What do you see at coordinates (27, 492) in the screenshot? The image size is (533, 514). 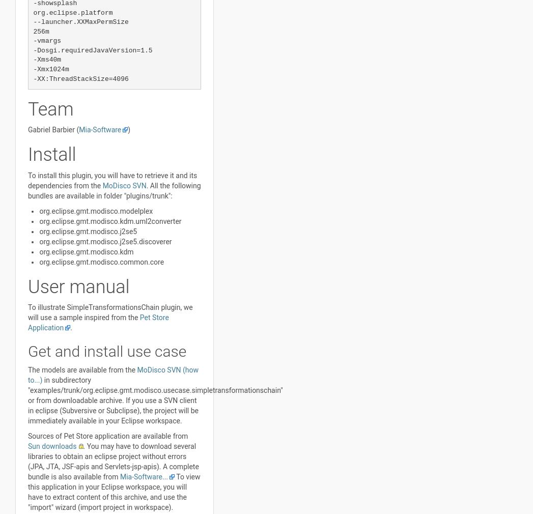 I see `'To view this application in your Eclipse workspace, you will have to extract content of this archive, and use the "import" wizard (import project in workspace).'` at bounding box center [27, 492].